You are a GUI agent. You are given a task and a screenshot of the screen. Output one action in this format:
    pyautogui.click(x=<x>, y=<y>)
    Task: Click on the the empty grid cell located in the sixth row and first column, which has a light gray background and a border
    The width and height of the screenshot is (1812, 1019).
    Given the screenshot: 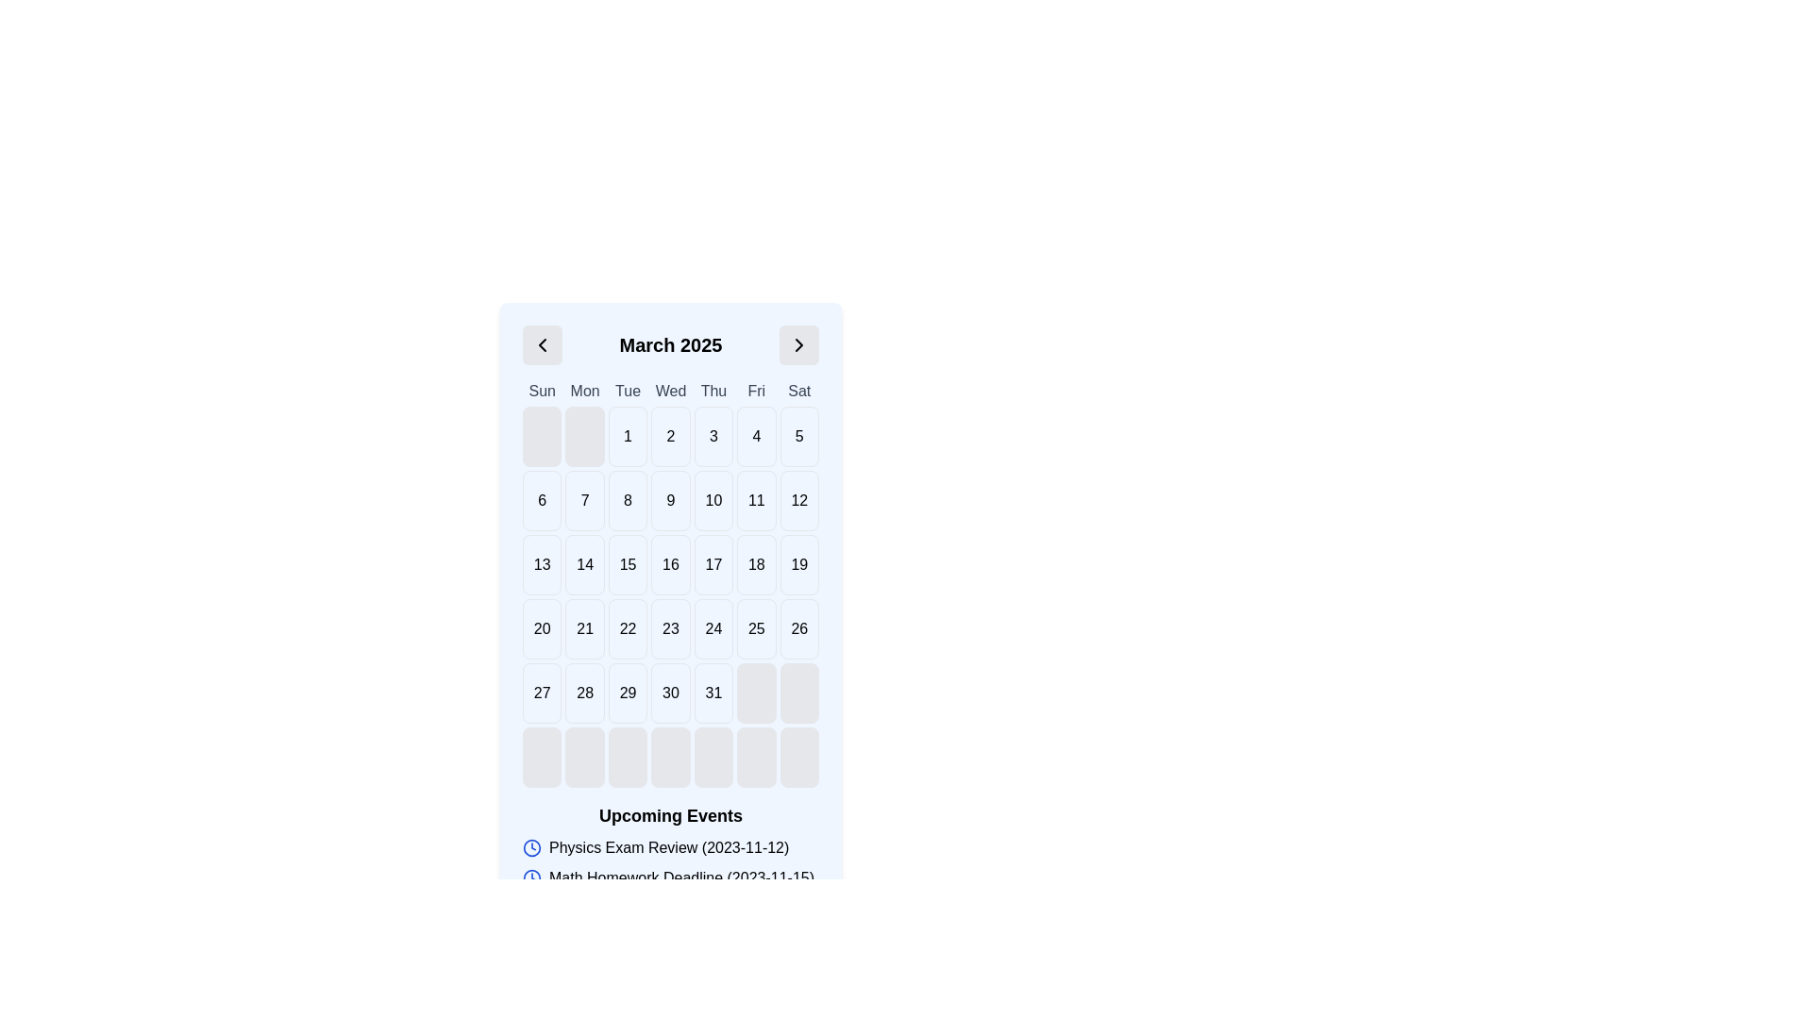 What is the action you would take?
    pyautogui.click(x=541, y=756)
    